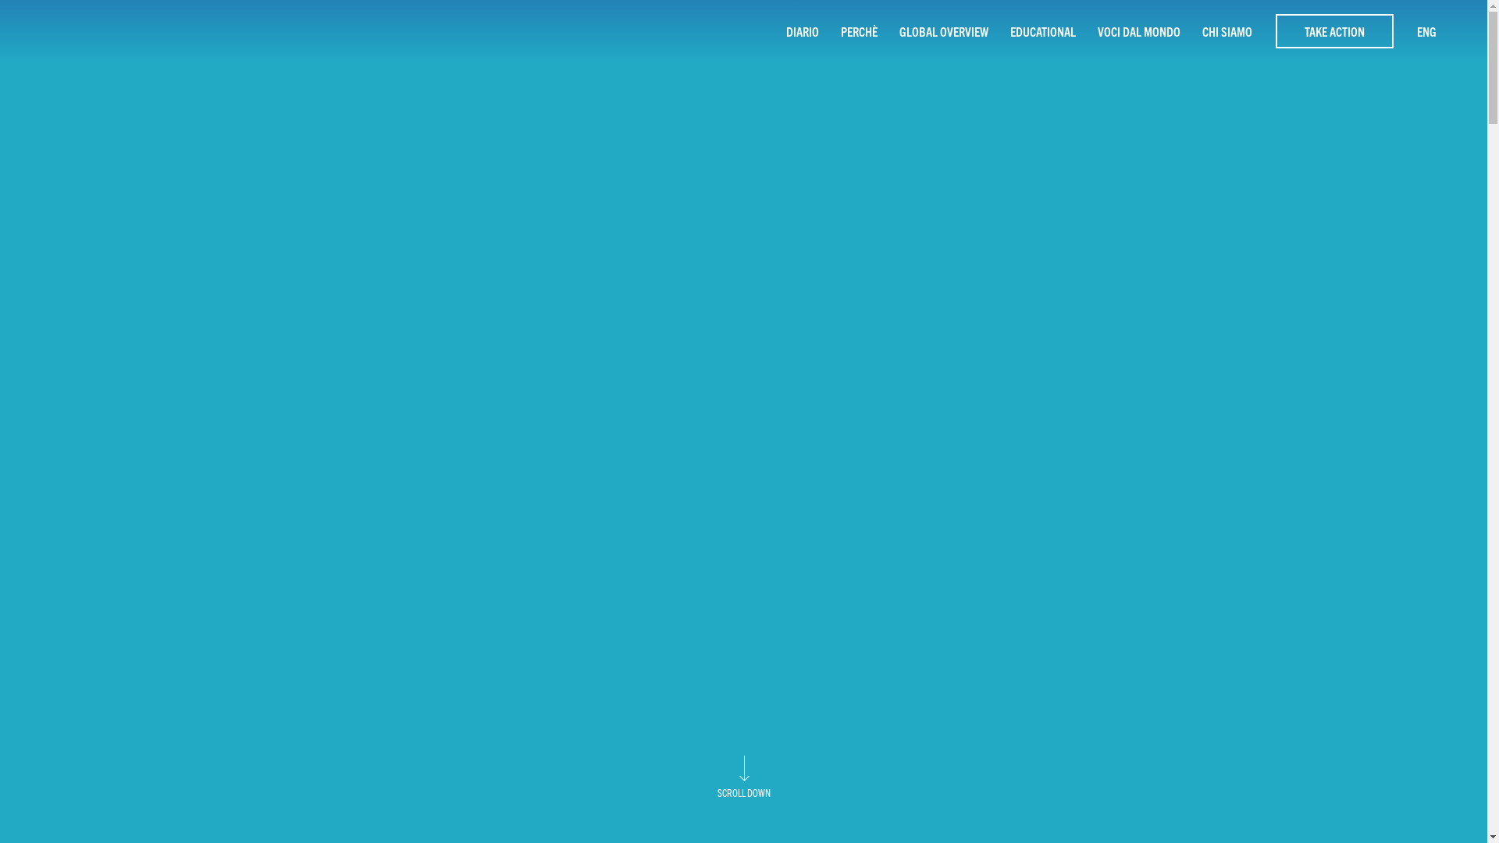 The height and width of the screenshot is (843, 1499). Describe the element at coordinates (1426, 30) in the screenshot. I see `'ENG'` at that location.